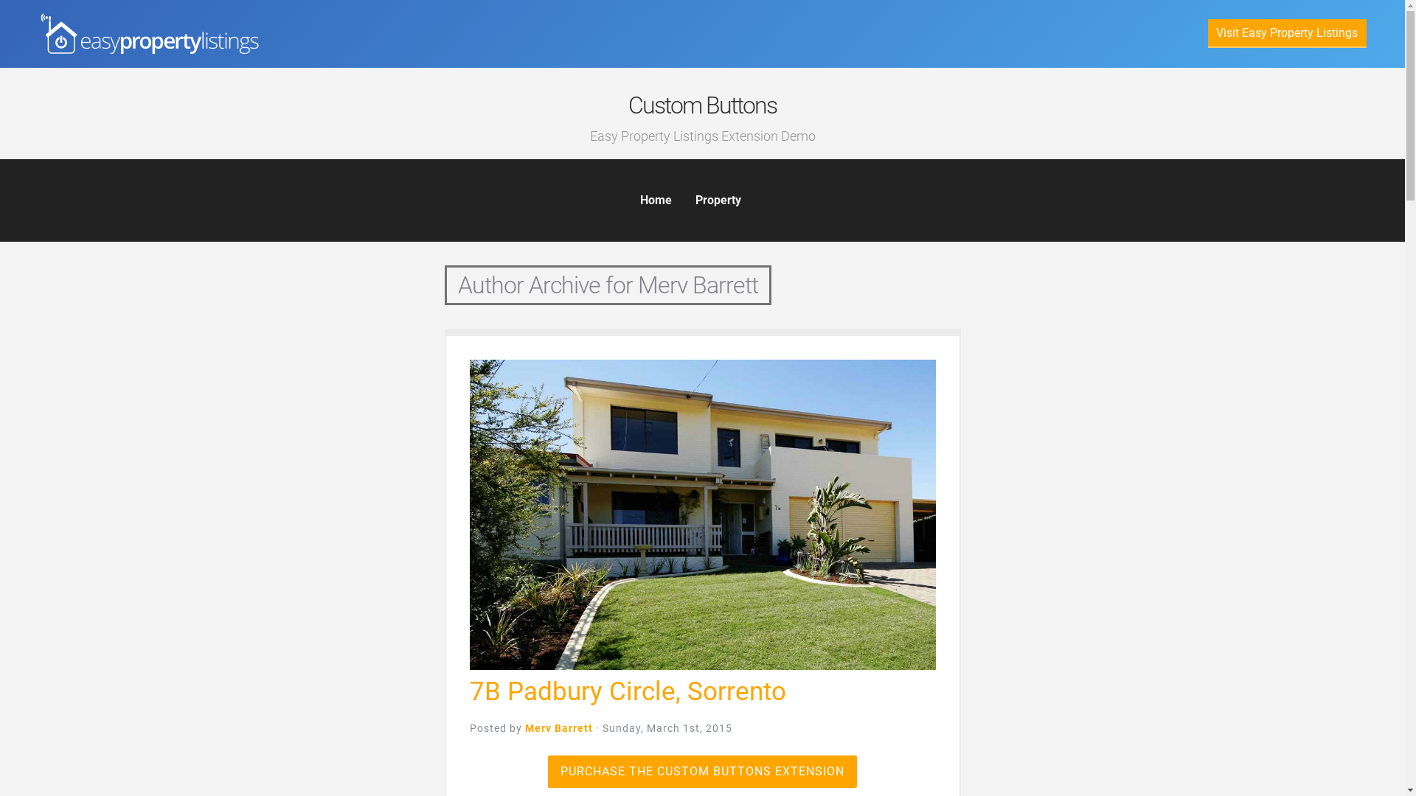 The width and height of the screenshot is (1416, 796). What do you see at coordinates (701, 104) in the screenshot?
I see `'Custom Buttons'` at bounding box center [701, 104].